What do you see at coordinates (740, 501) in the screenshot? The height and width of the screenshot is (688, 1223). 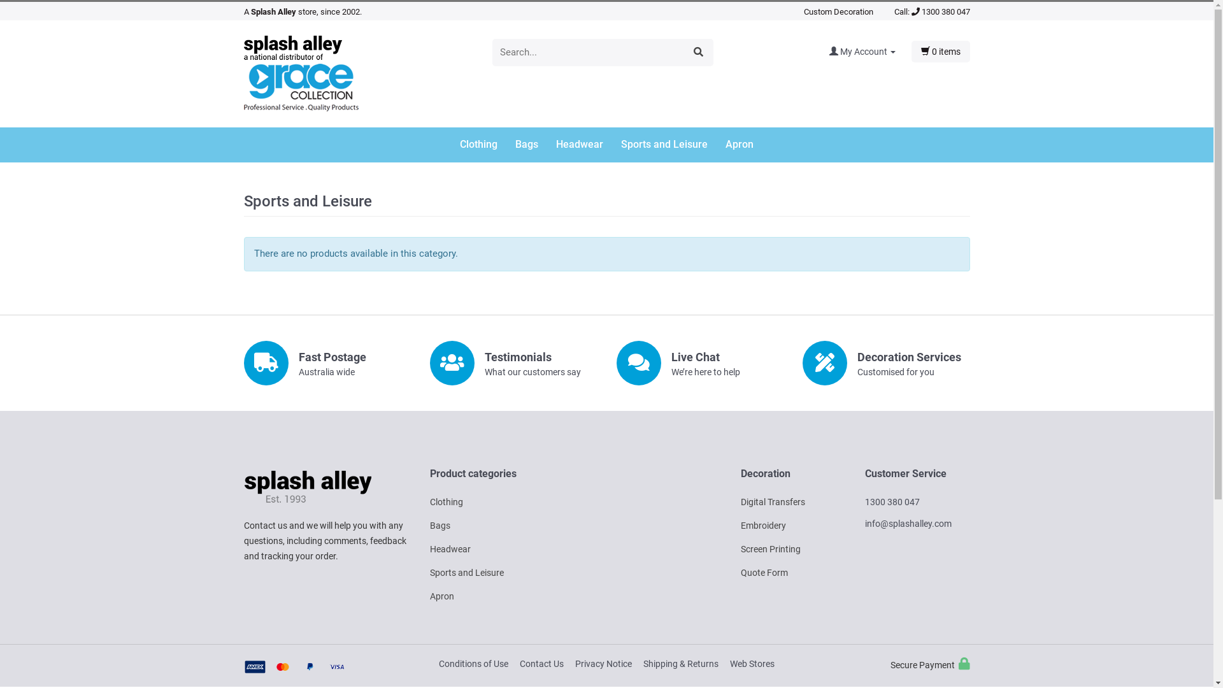 I see `'Digital Transfers'` at bounding box center [740, 501].